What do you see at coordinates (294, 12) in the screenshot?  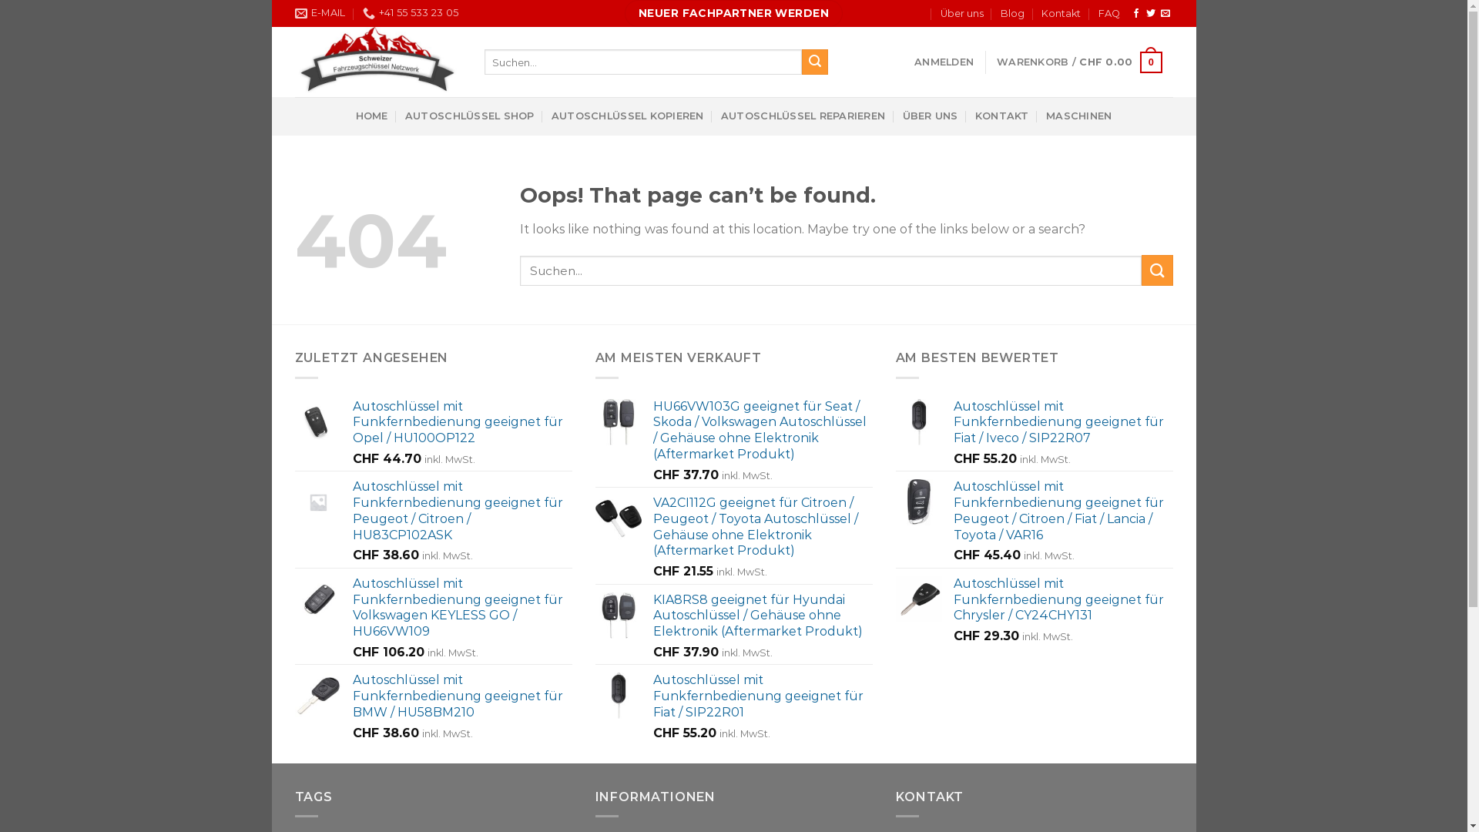 I see `'E-MAIL'` at bounding box center [294, 12].